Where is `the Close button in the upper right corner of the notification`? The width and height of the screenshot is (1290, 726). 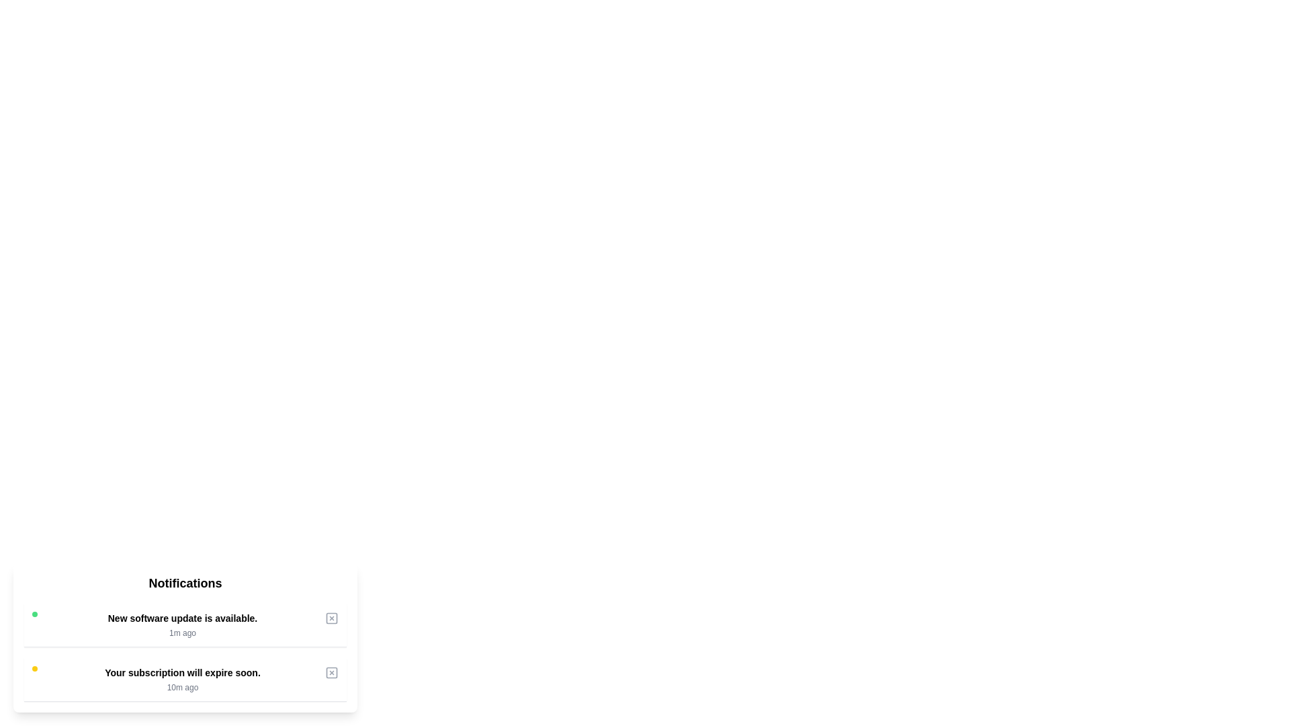 the Close button in the upper right corner of the notification is located at coordinates (332, 618).